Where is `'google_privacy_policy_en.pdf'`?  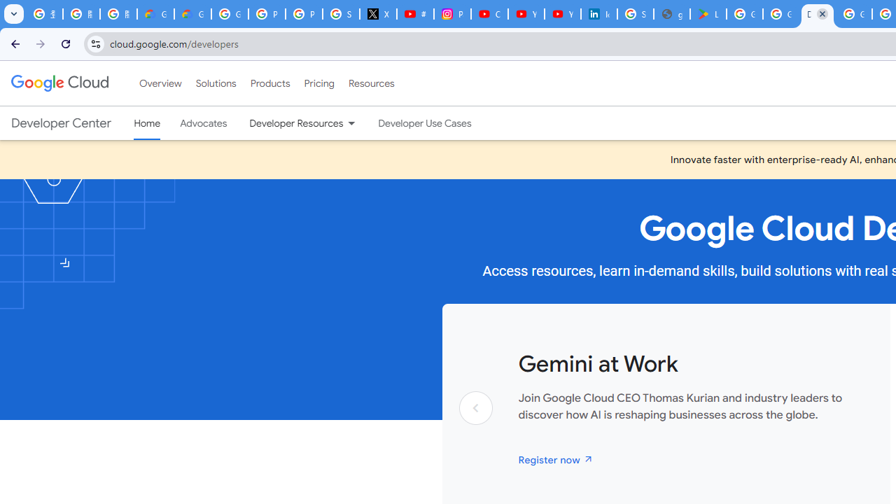
'google_privacy_policy_en.pdf' is located at coordinates (672, 14).